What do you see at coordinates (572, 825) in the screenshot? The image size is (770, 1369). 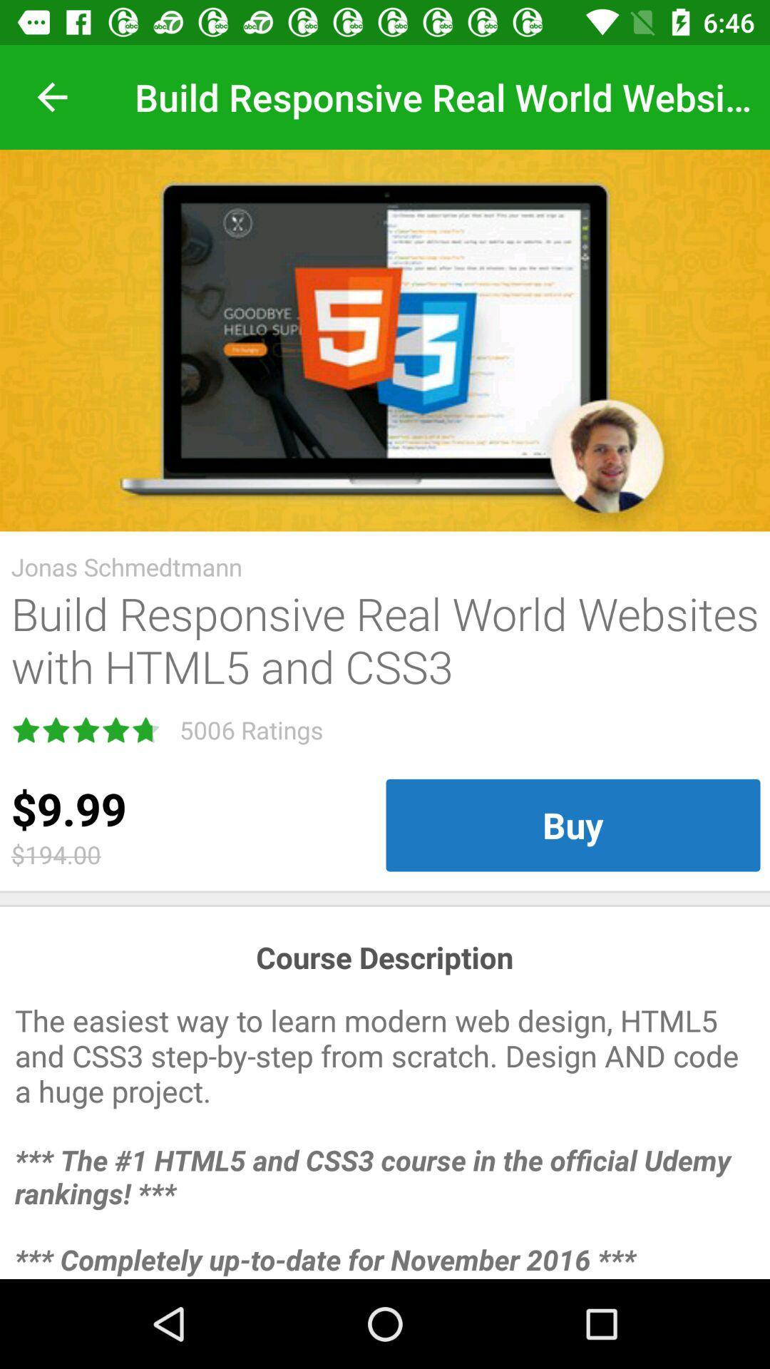 I see `item below build responsive real item` at bounding box center [572, 825].